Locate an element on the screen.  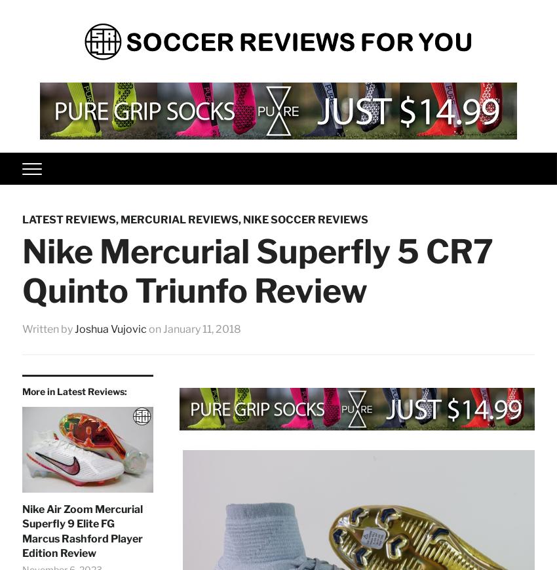
'Nike Air Zoom Mercurial Superfly 9 Elite FG Marcus Rashford Player Edition Review' is located at coordinates (81, 530).